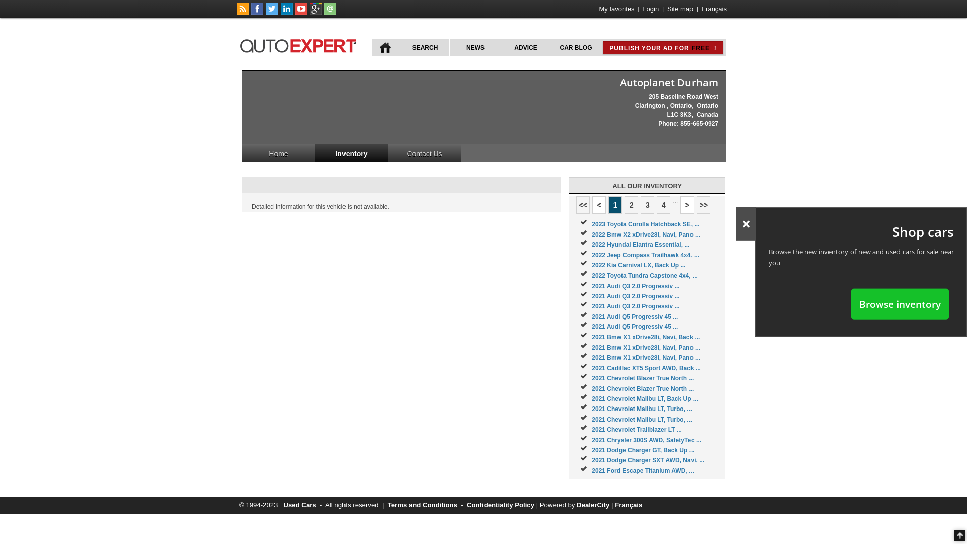  I want to click on 'DealerCity', so click(593, 505).